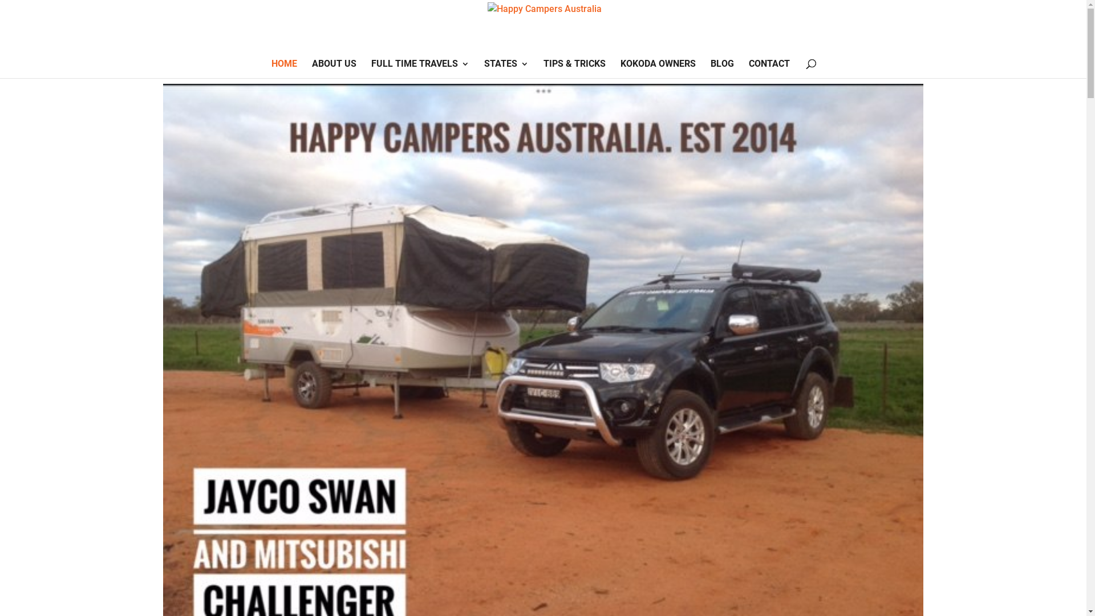 Image resolution: width=1095 pixels, height=616 pixels. I want to click on 'KOKODA OWNERS', so click(658, 68).